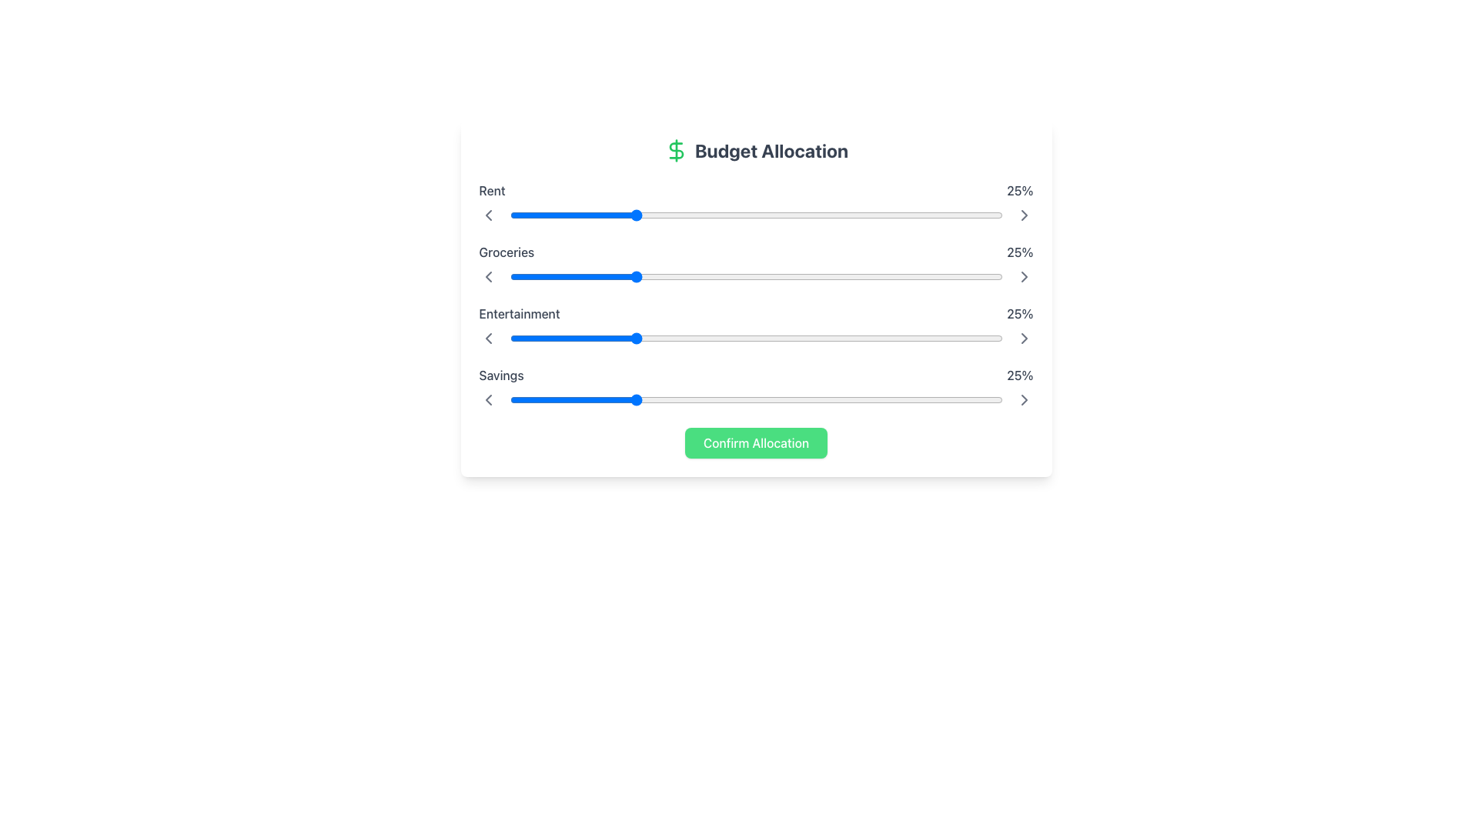 The width and height of the screenshot is (1478, 831). What do you see at coordinates (899, 275) in the screenshot?
I see `the slider value` at bounding box center [899, 275].